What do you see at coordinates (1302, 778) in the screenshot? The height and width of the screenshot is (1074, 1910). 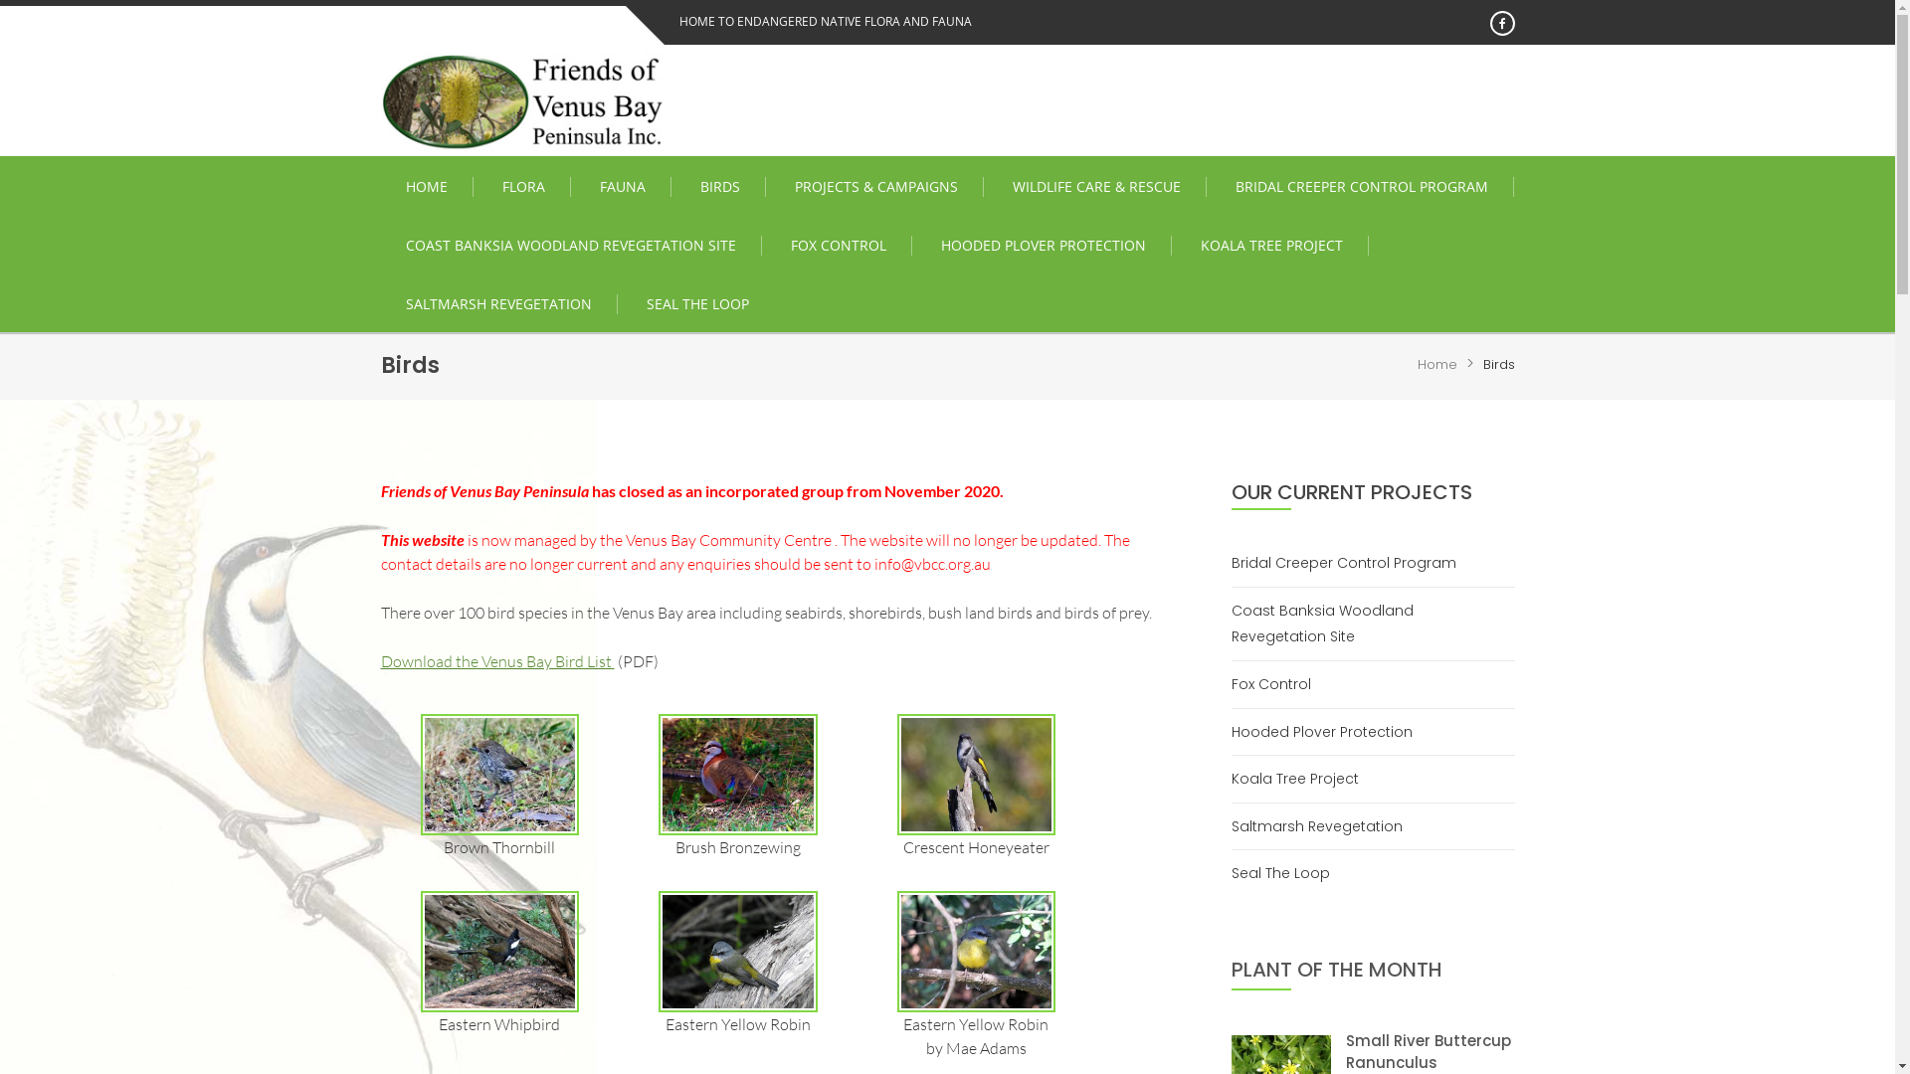 I see `'Koala Tree Project'` at bounding box center [1302, 778].